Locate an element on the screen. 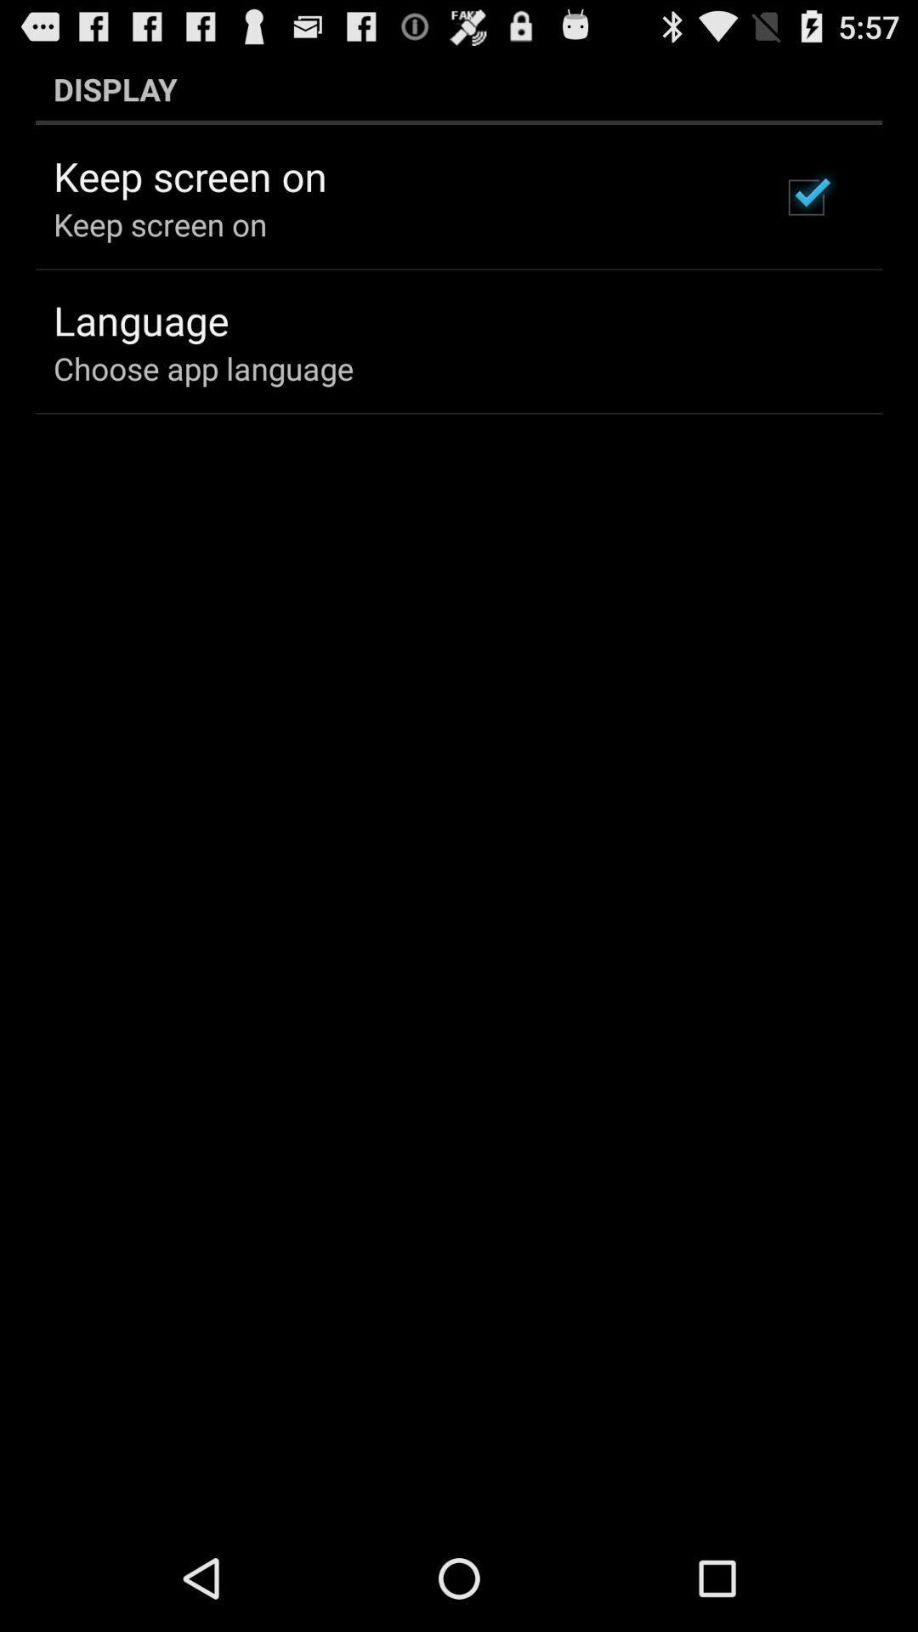 The height and width of the screenshot is (1632, 918). item below the language app is located at coordinates (202, 367).